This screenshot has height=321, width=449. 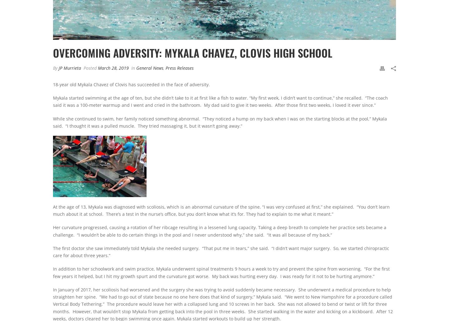 What do you see at coordinates (113, 68) in the screenshot?
I see `'March 28, 2019'` at bounding box center [113, 68].